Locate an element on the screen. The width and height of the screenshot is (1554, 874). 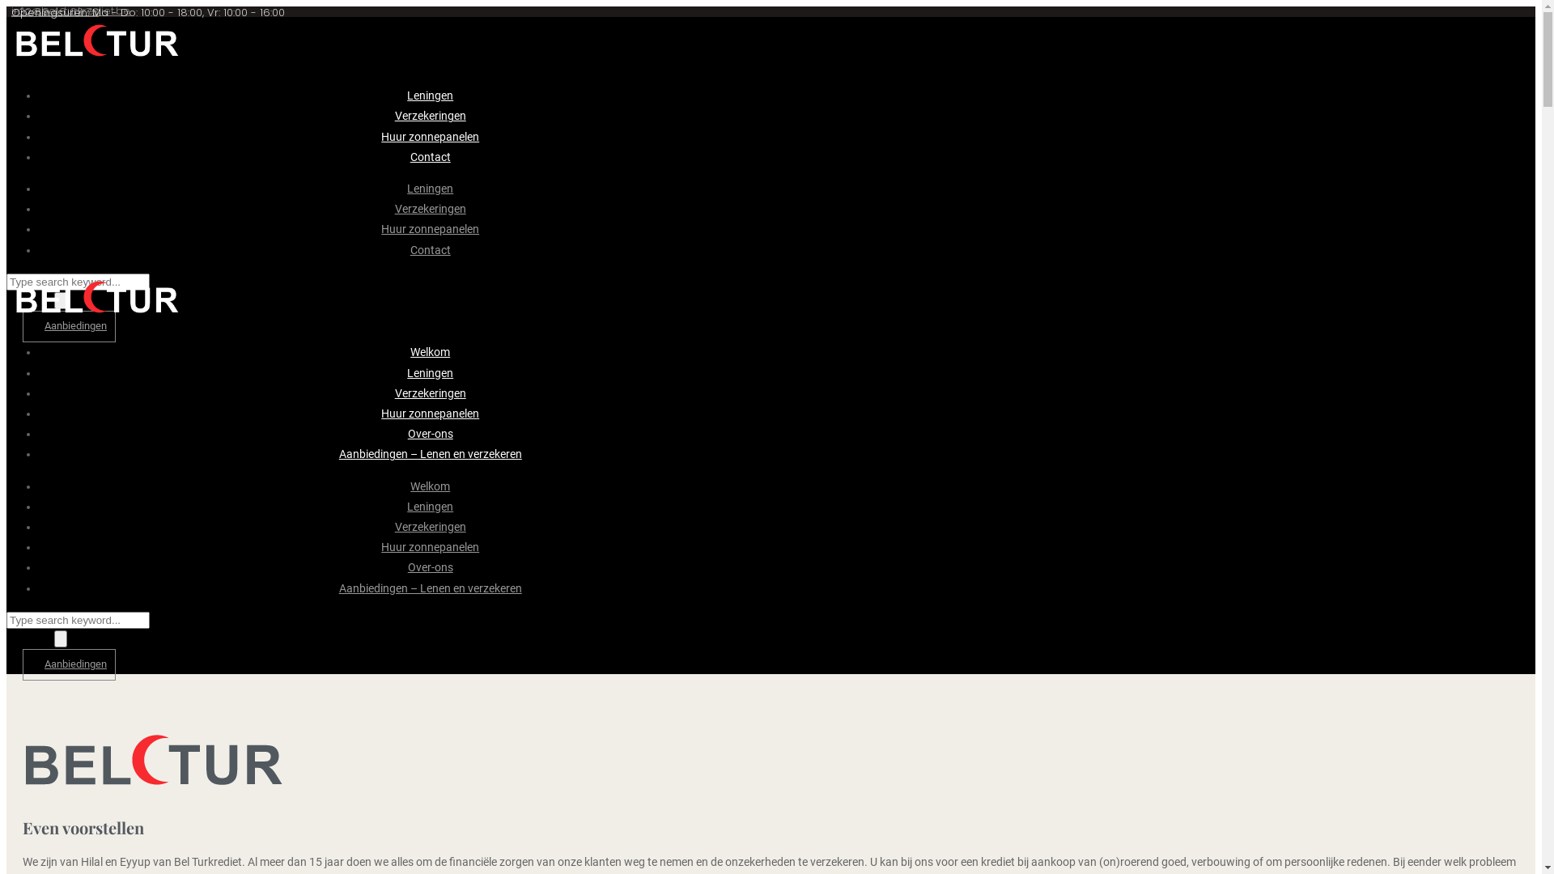
'Huur zonnepanelen' is located at coordinates (430, 412).